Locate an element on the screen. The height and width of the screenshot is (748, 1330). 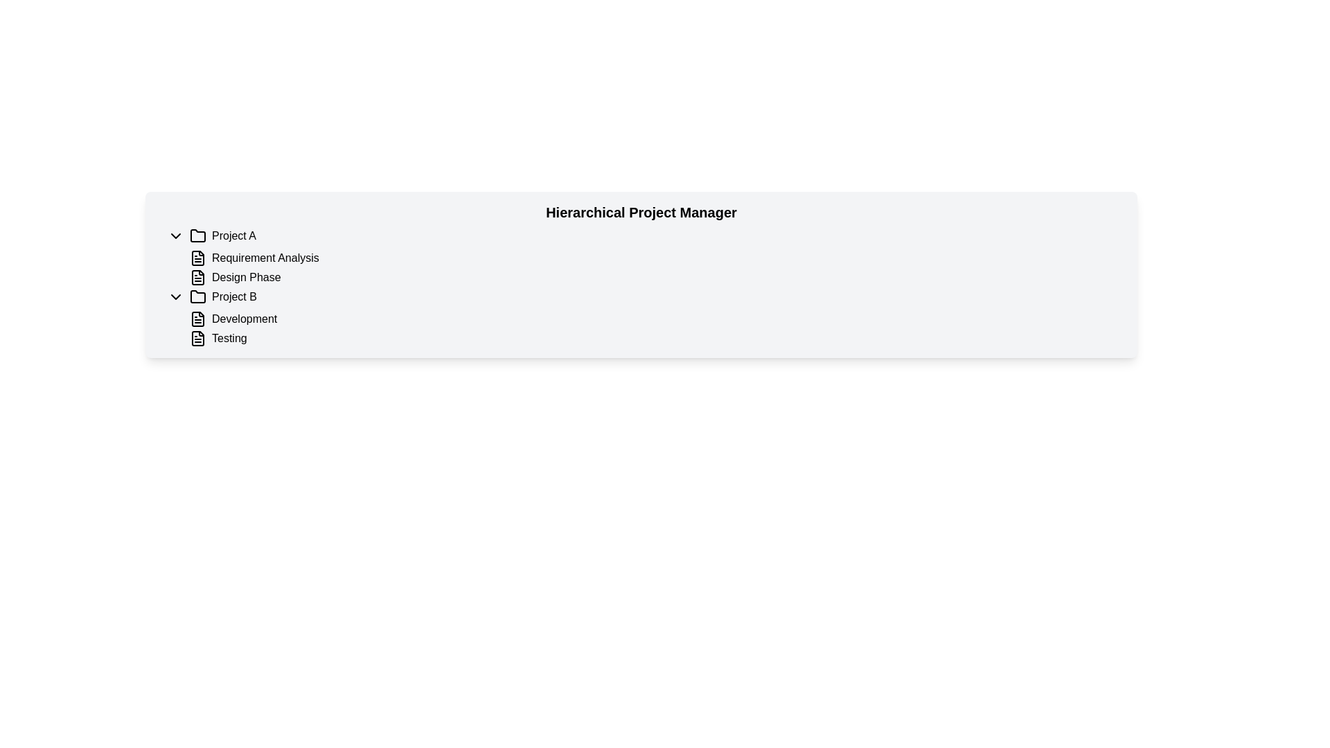
the Dropdown toggle icon located to the immediate left of the 'Project A' label is located at coordinates (175, 235).